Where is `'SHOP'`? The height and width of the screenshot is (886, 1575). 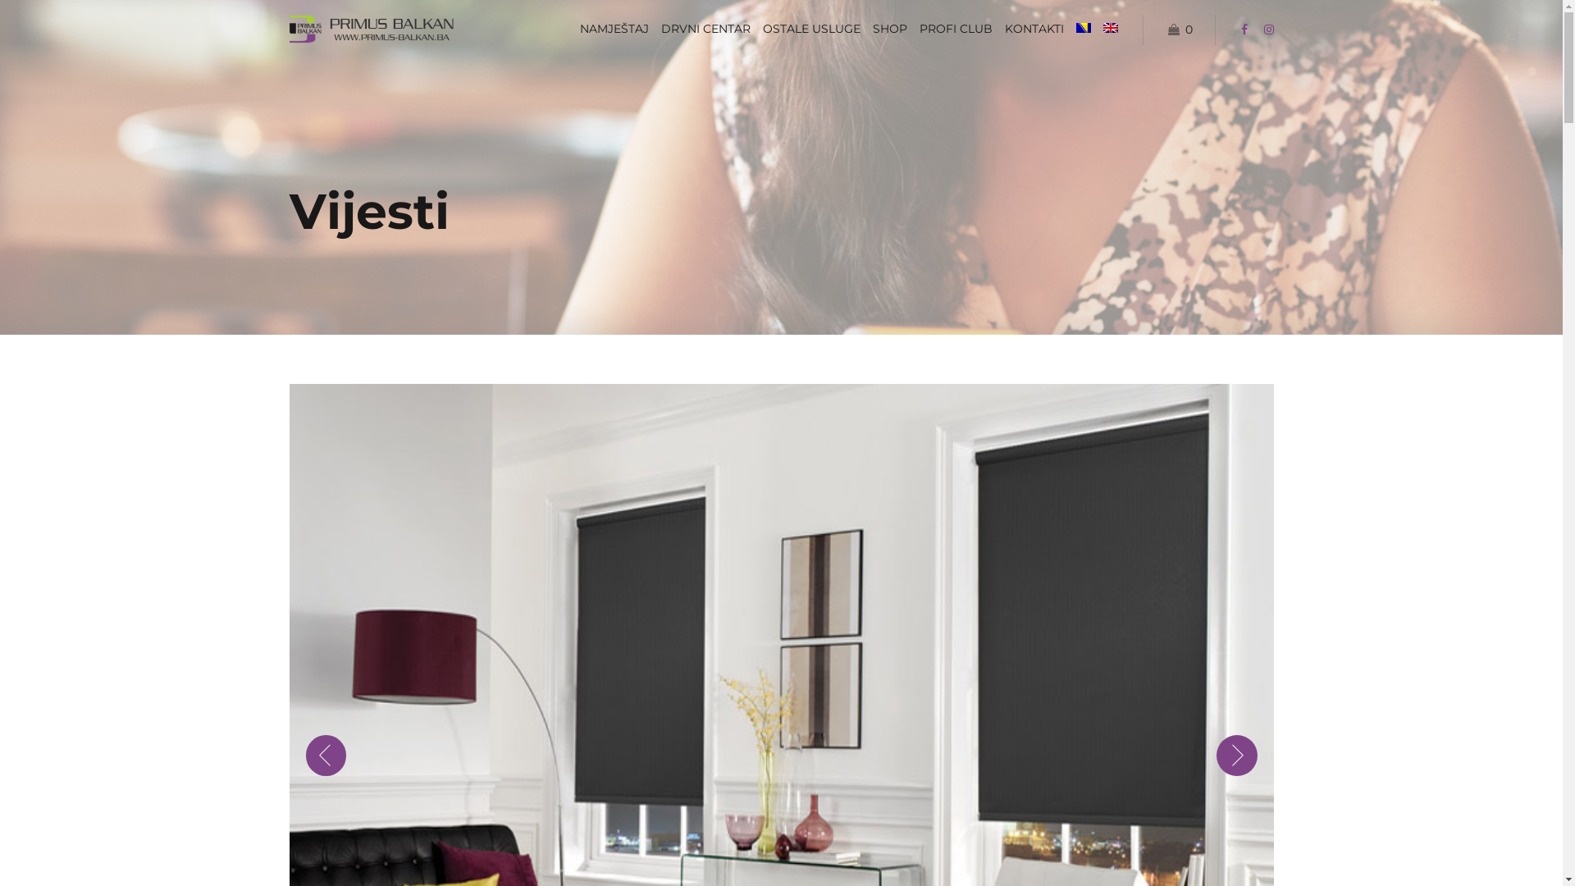
'SHOP' is located at coordinates (888, 28).